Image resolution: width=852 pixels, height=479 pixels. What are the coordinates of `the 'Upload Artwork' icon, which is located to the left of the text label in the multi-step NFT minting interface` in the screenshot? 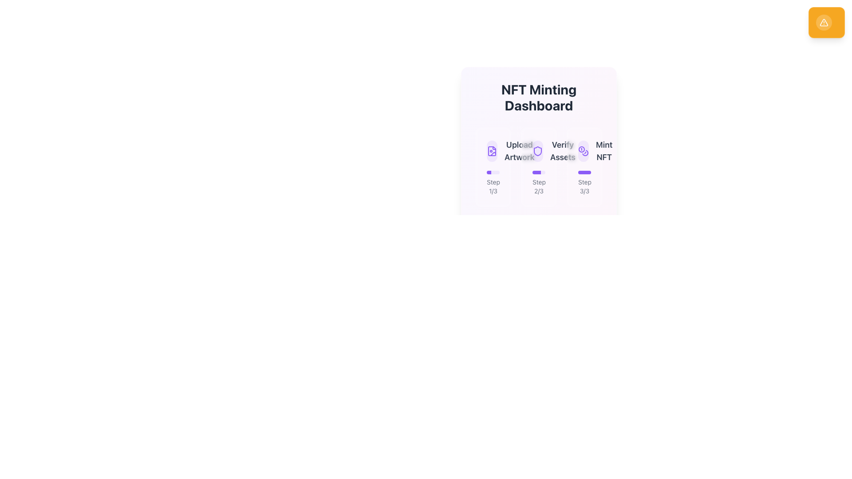 It's located at (491, 150).